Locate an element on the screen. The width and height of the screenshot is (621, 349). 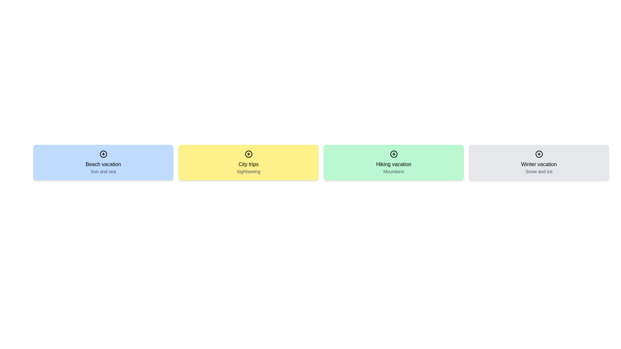
descriptive text label located below the title in the card labeled 'Hiking vacation', which is centrally positioned in the third item of a horizontal grid is located at coordinates (393, 171).